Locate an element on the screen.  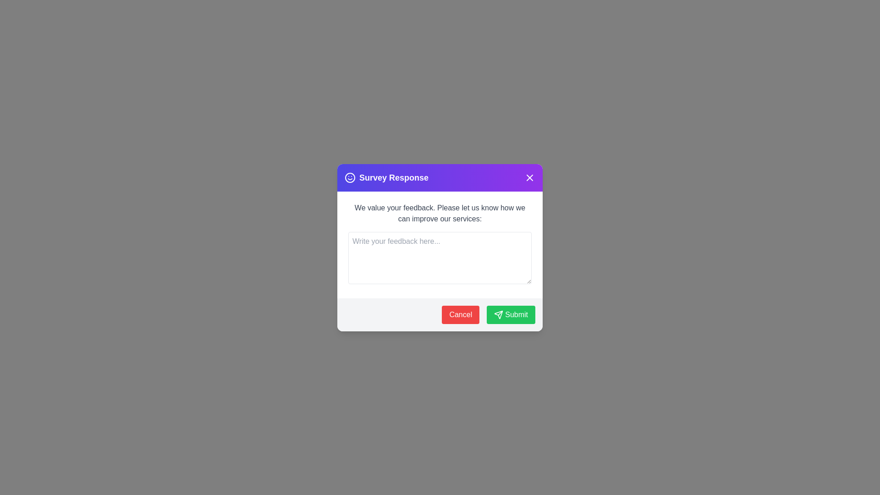
the cancel button to cancel the feedback submission is located at coordinates (460, 314).